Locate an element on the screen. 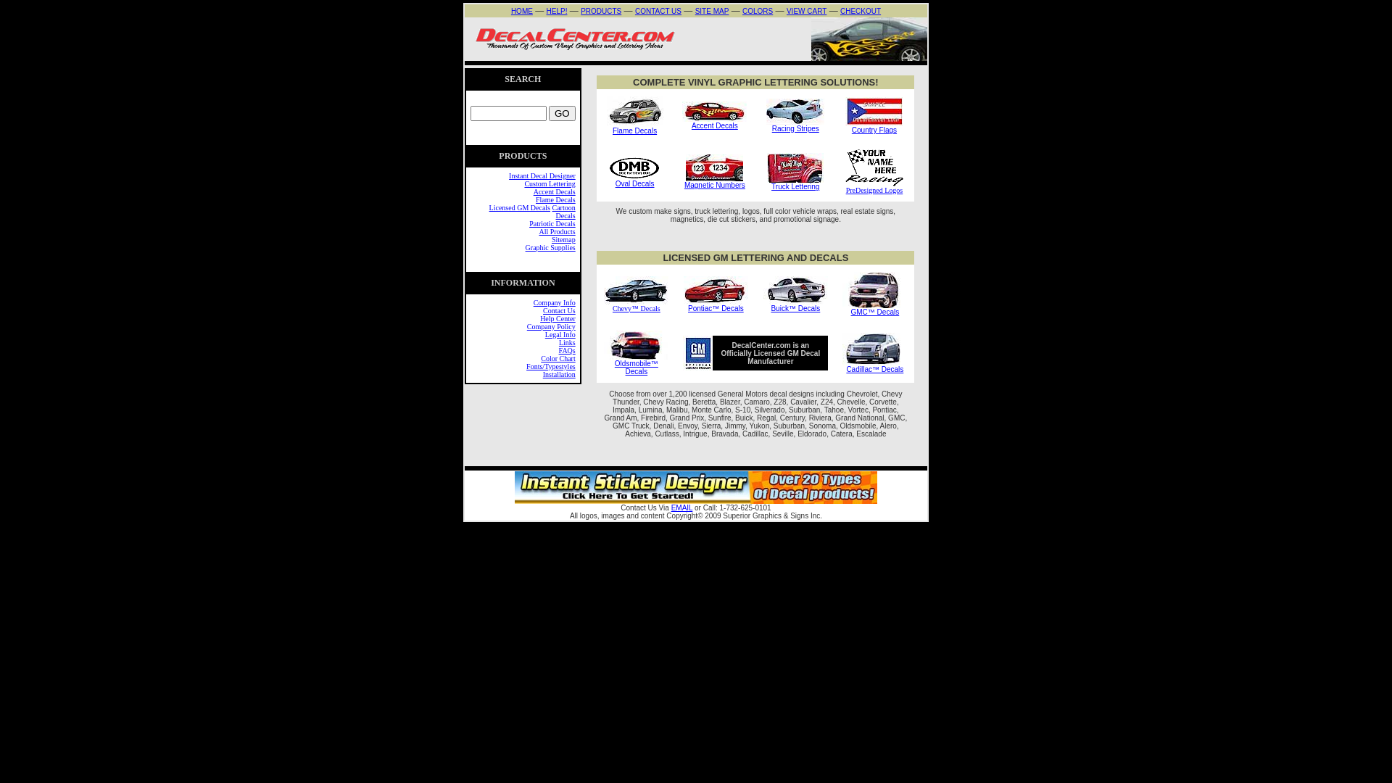  'PRODUCTS' is located at coordinates (601, 11).